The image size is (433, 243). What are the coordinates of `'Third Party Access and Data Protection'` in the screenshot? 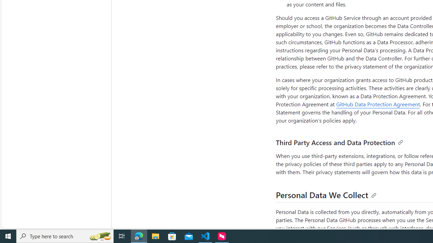 It's located at (339, 142).